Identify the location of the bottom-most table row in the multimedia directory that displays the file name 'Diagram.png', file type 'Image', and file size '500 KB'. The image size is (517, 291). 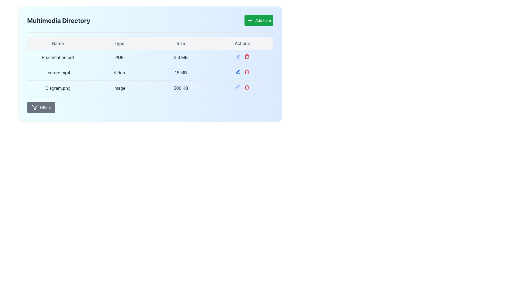
(150, 88).